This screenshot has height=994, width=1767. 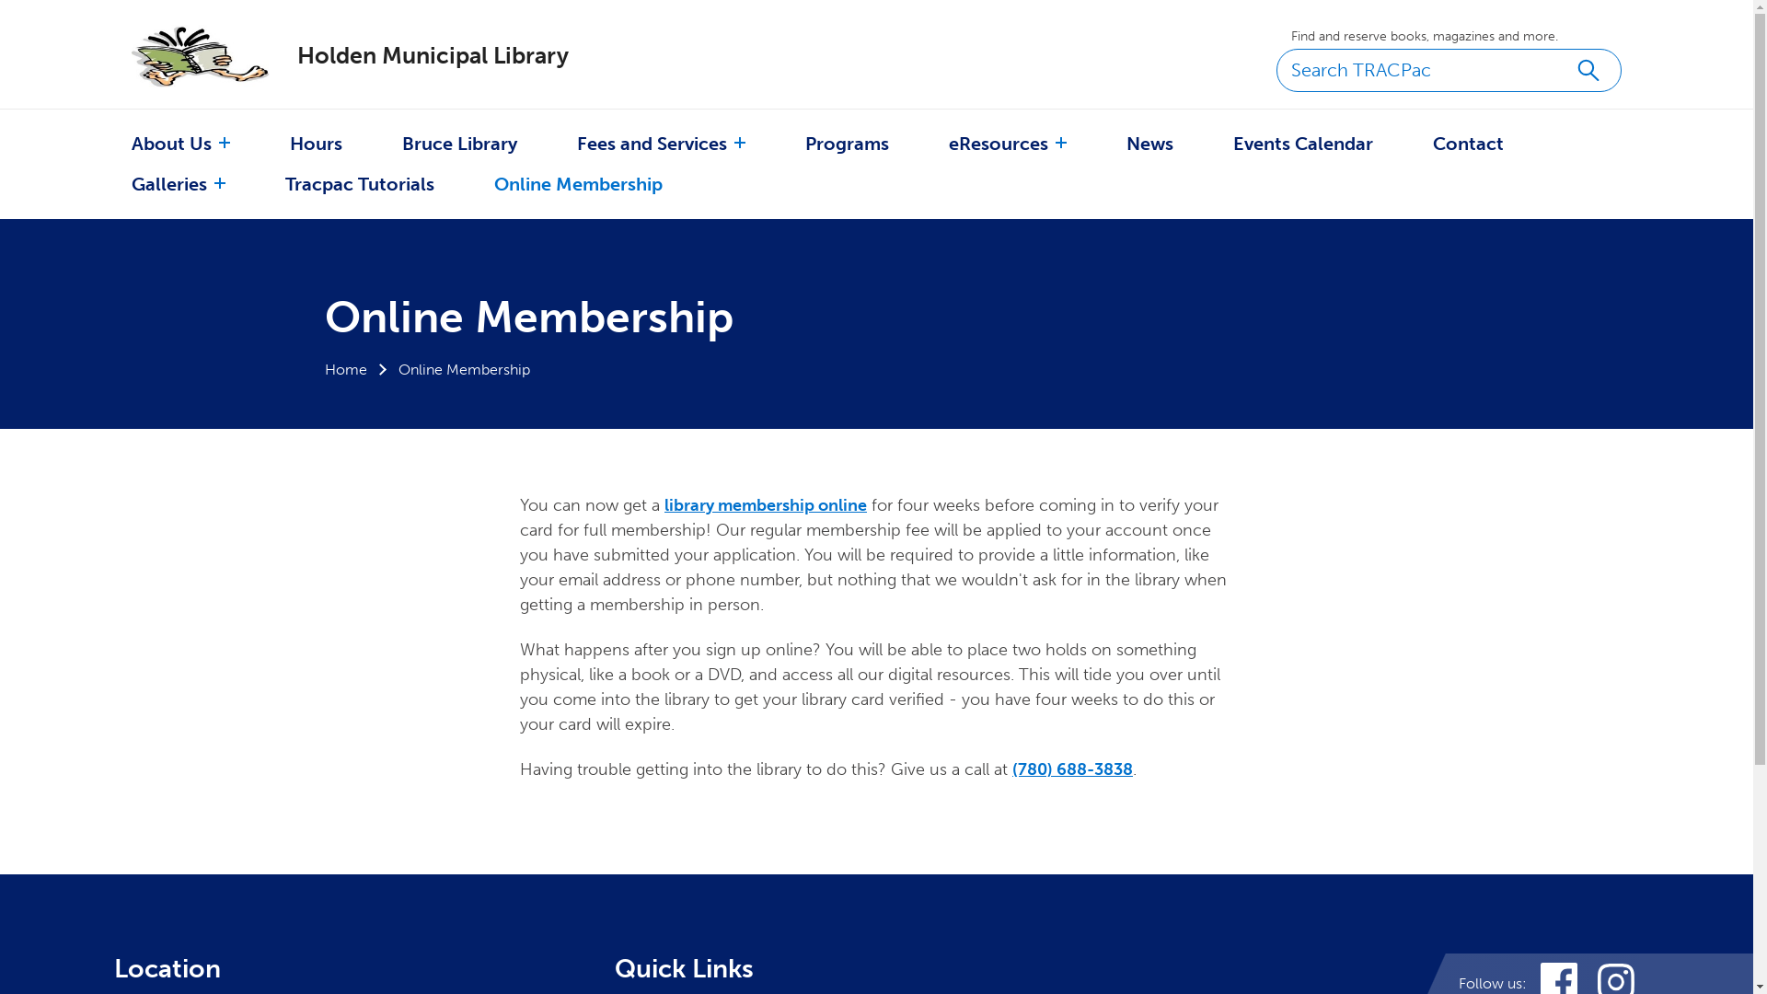 I want to click on 'Online Membership', so click(x=494, y=184).